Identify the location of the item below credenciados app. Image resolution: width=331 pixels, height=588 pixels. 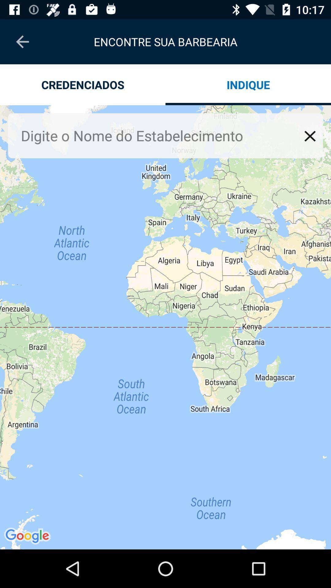
(165, 327).